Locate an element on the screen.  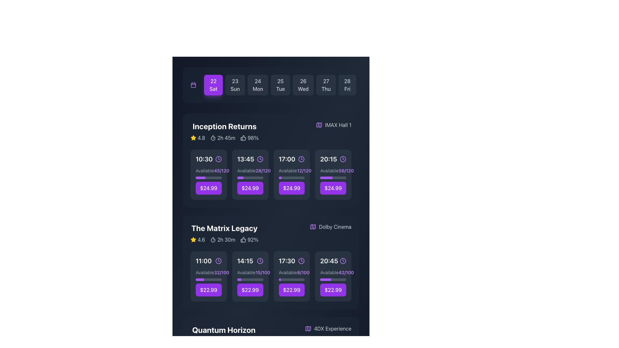
over the third card in the first row under the 'Inception Returns' movie section is located at coordinates (291, 181).